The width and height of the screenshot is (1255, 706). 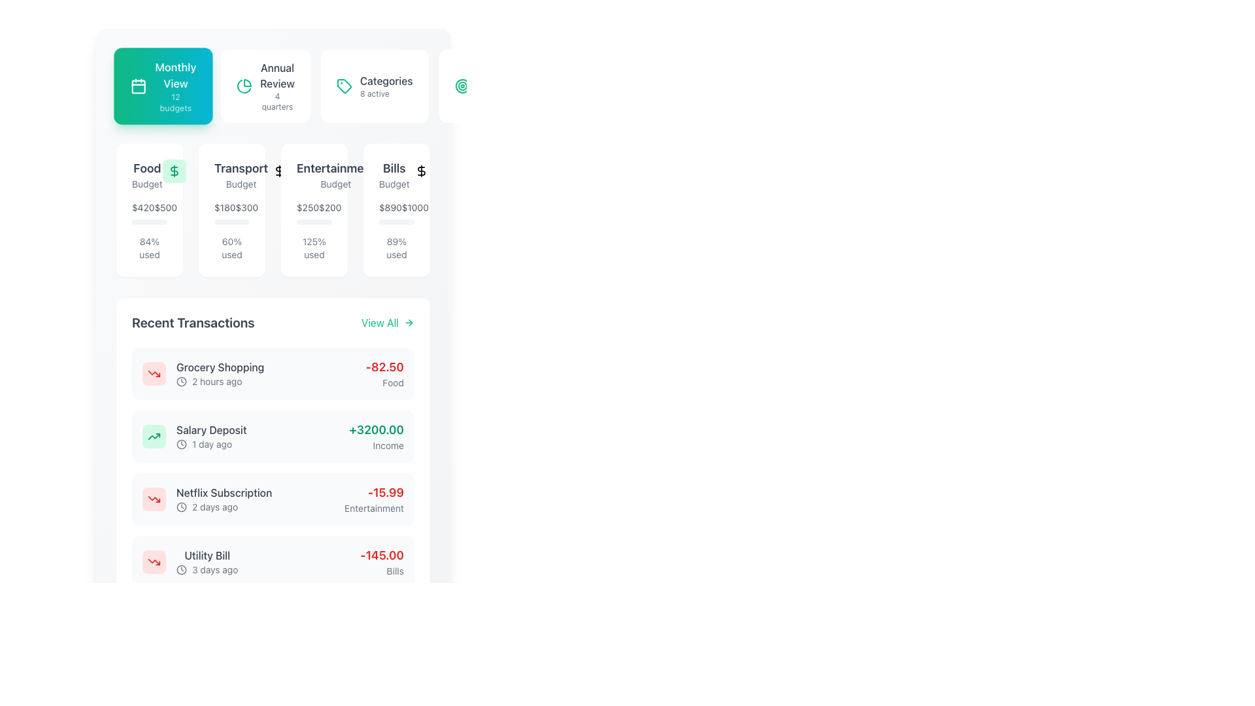 What do you see at coordinates (181, 443) in the screenshot?
I see `the clock icon in the 'Recent Transactions' section that represents the 'Salary Deposit' transaction, positioned to the left of the '1 day ago' text` at bounding box center [181, 443].